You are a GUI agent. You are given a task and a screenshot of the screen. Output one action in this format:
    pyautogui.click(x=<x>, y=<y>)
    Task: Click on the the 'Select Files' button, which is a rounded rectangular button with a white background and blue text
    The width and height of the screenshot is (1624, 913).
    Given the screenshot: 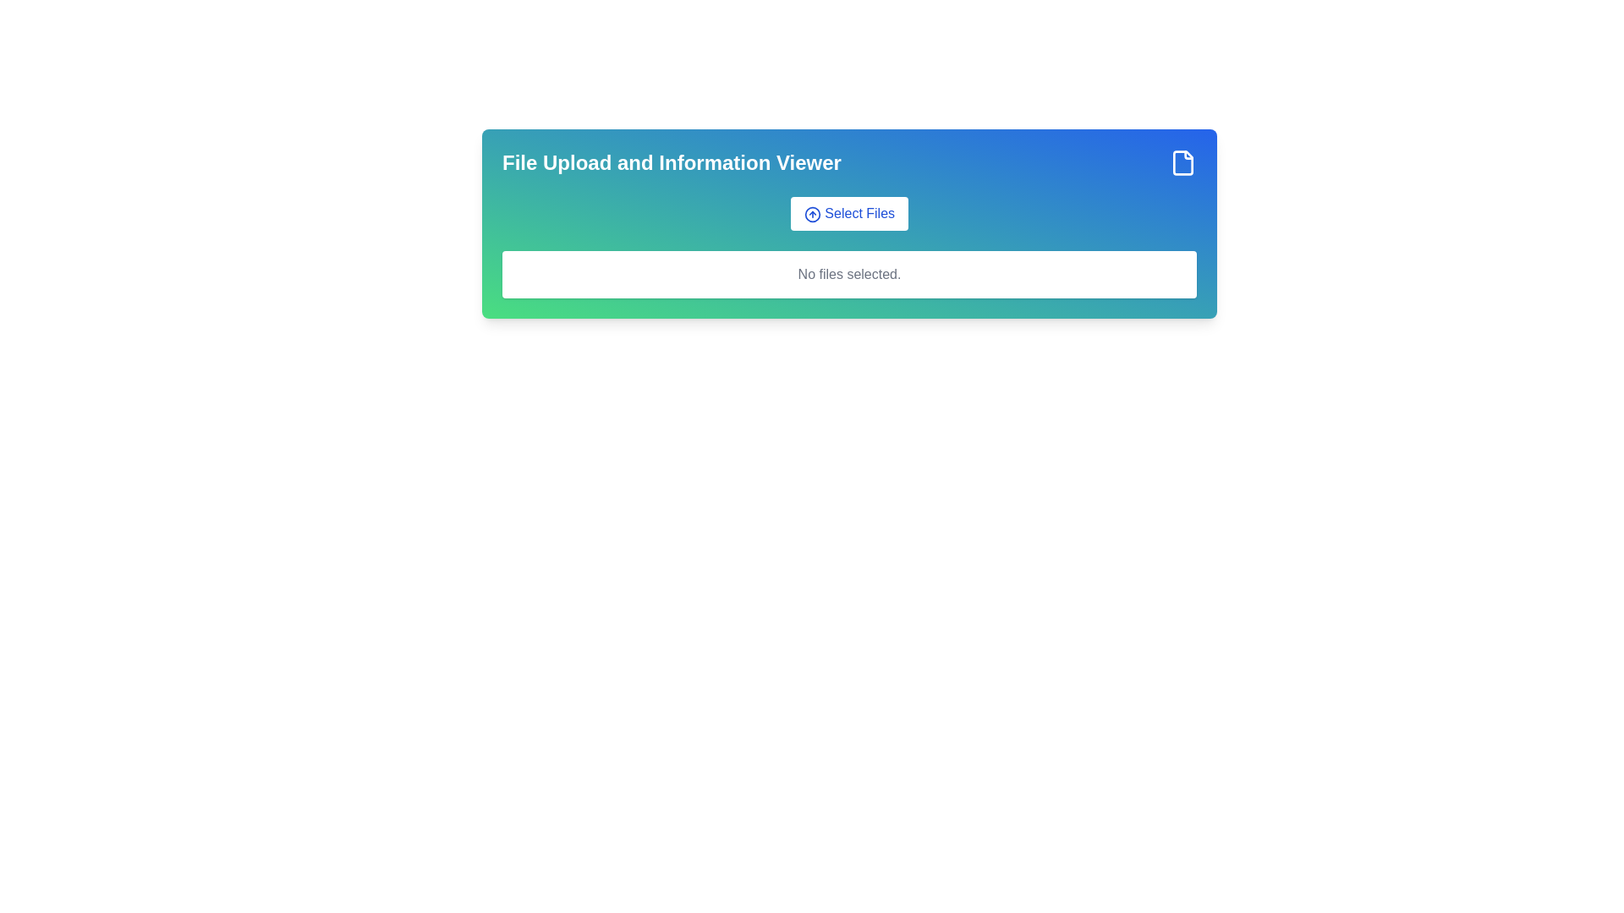 What is the action you would take?
    pyautogui.click(x=849, y=213)
    